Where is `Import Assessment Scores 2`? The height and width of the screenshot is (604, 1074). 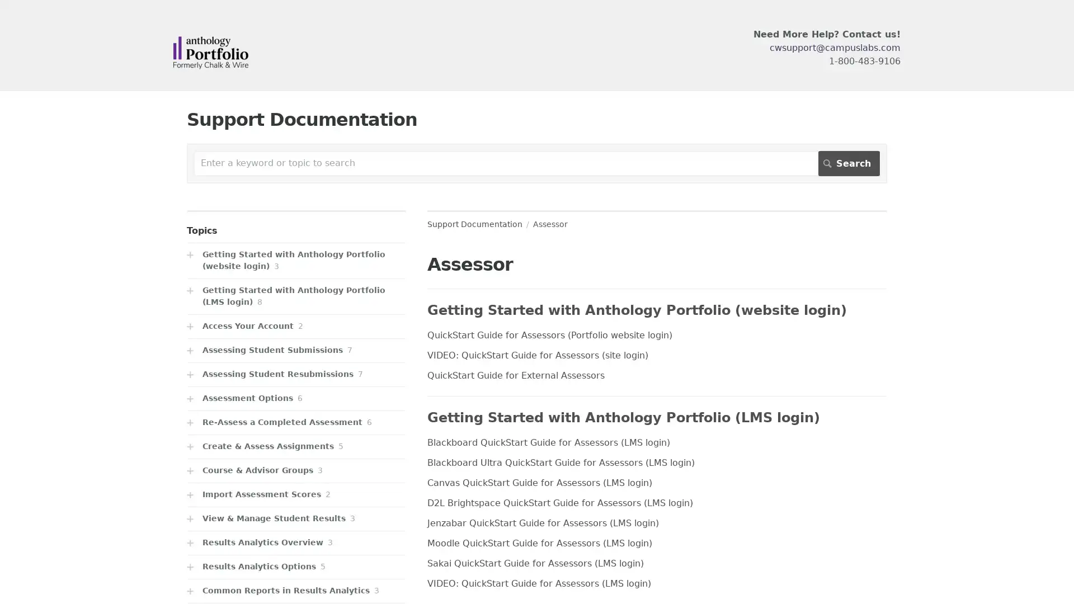
Import Assessment Scores 2 is located at coordinates (296, 494).